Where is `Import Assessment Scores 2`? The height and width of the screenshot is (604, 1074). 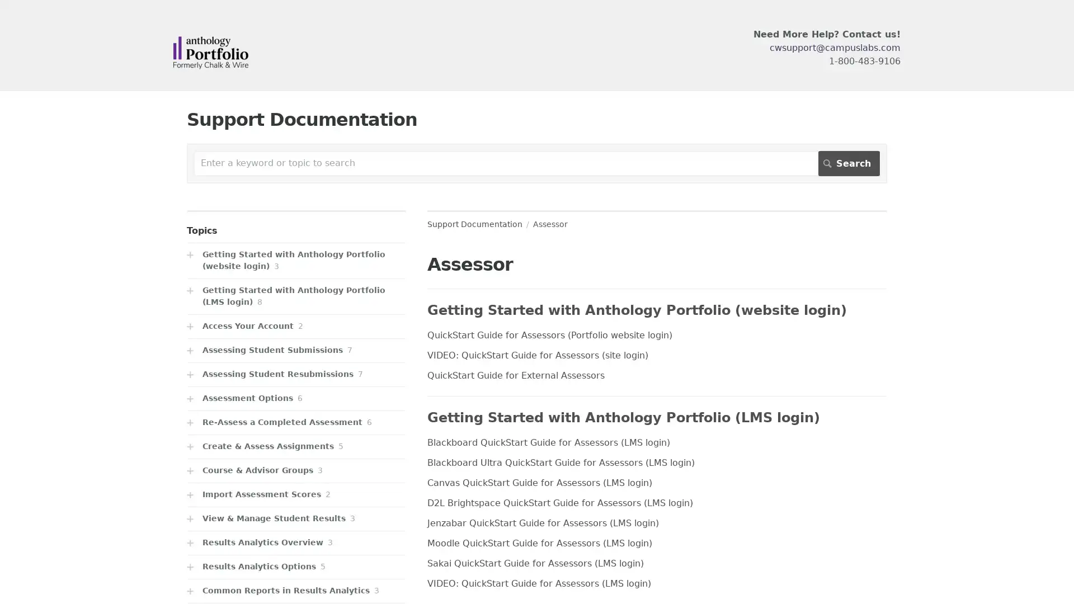
Import Assessment Scores 2 is located at coordinates (296, 494).